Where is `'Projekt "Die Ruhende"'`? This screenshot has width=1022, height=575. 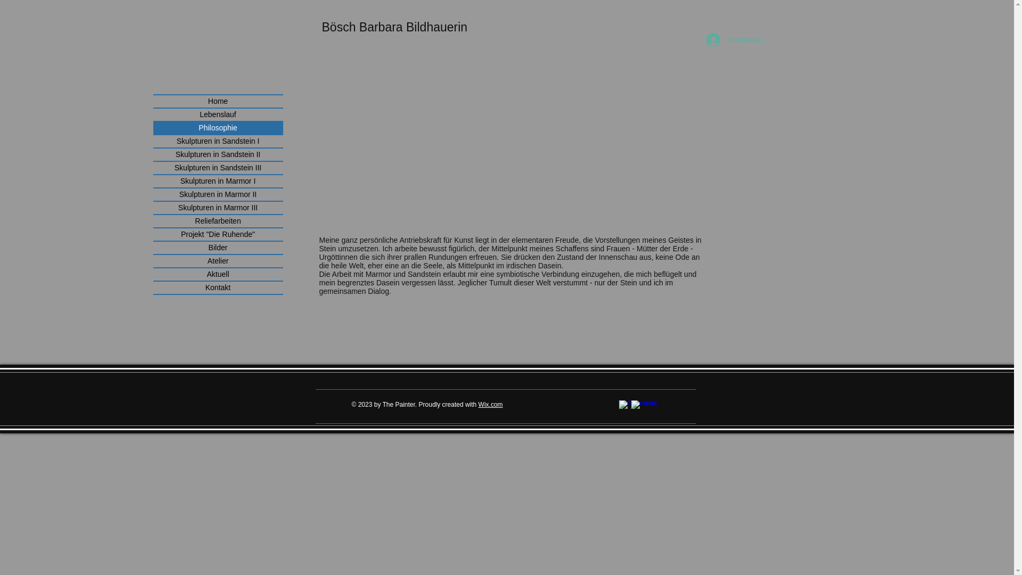
'Projekt "Die Ruhende"' is located at coordinates (217, 234).